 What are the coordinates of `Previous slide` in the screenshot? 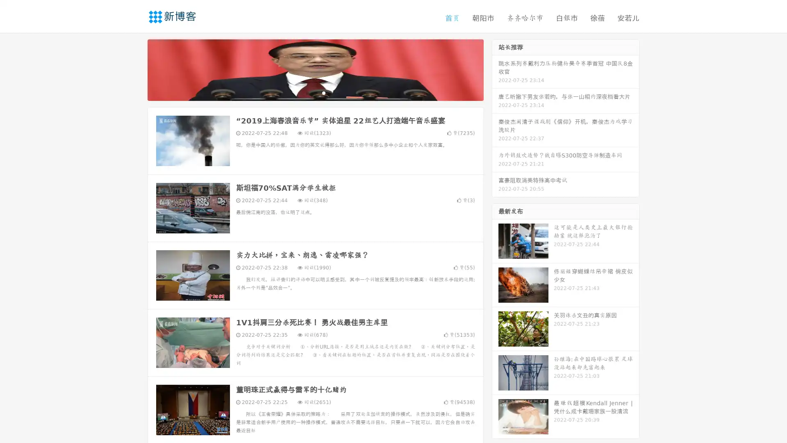 It's located at (135, 69).